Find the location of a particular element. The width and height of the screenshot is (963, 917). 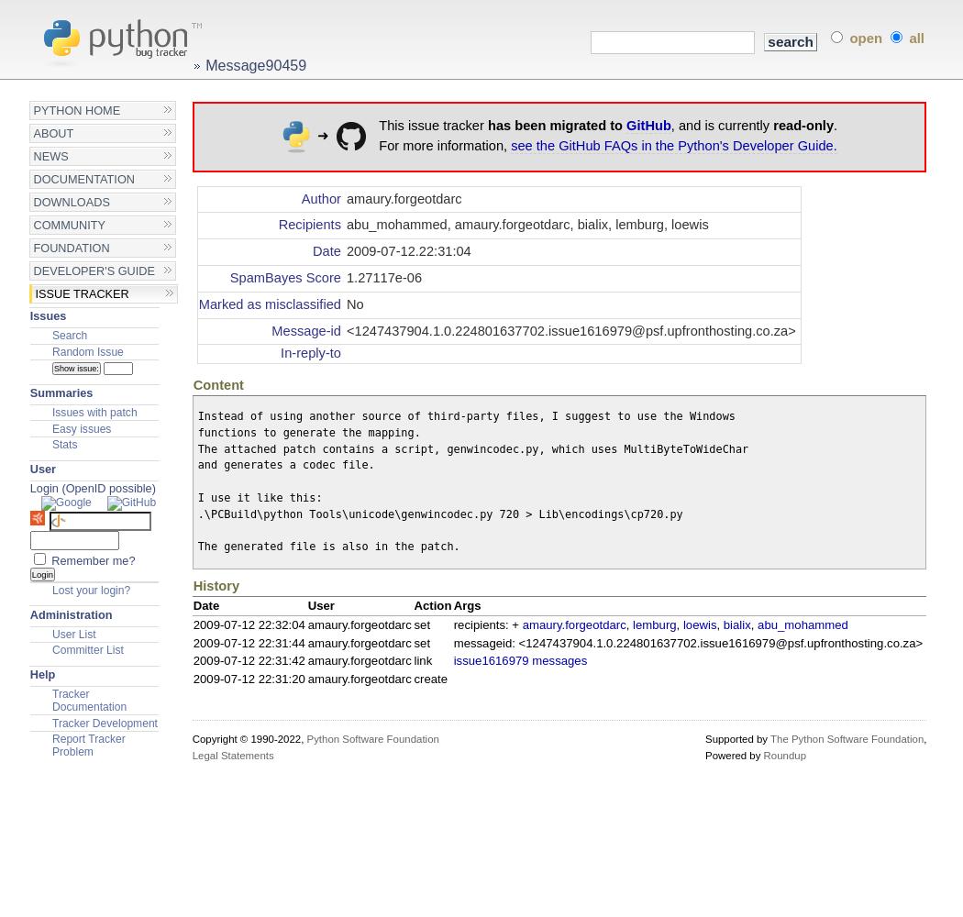

'Documentation' is located at coordinates (83, 178).